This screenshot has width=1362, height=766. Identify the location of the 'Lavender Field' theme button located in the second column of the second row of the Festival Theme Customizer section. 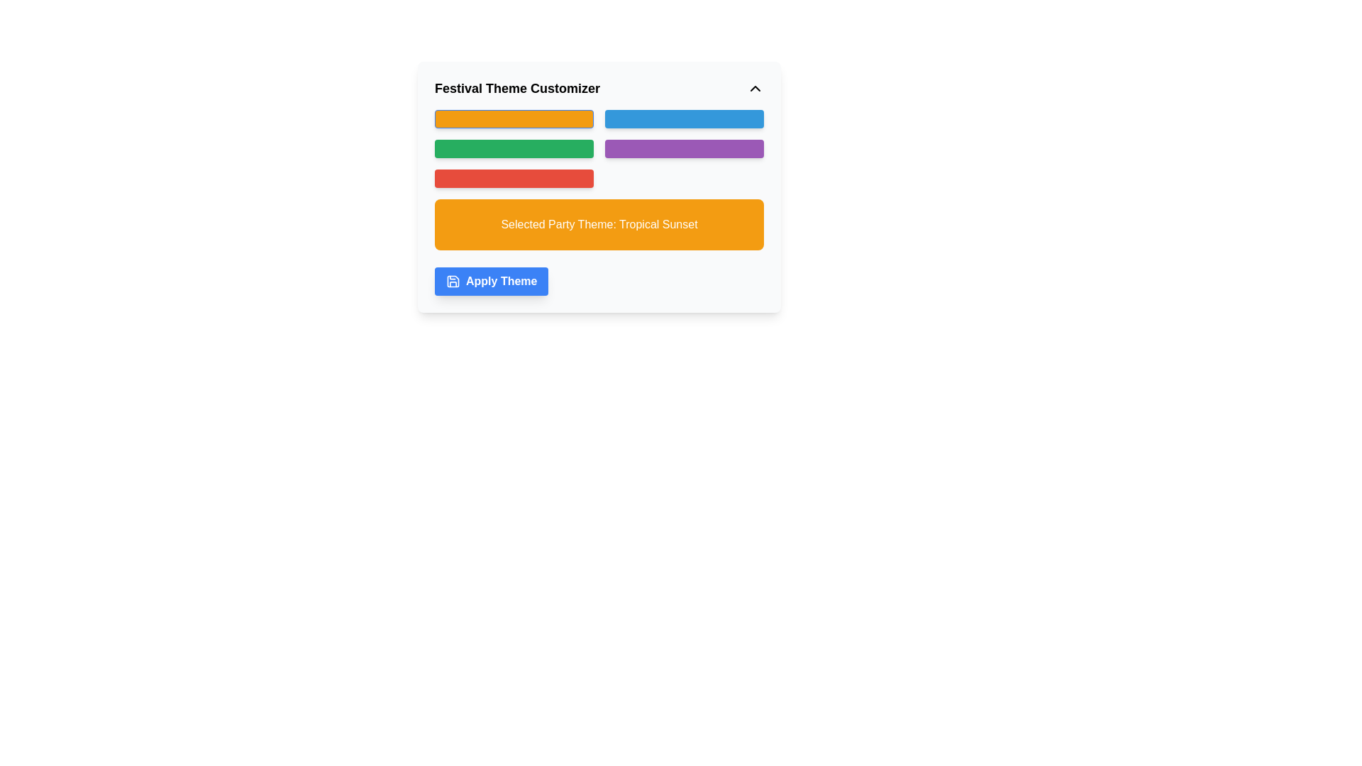
(684, 148).